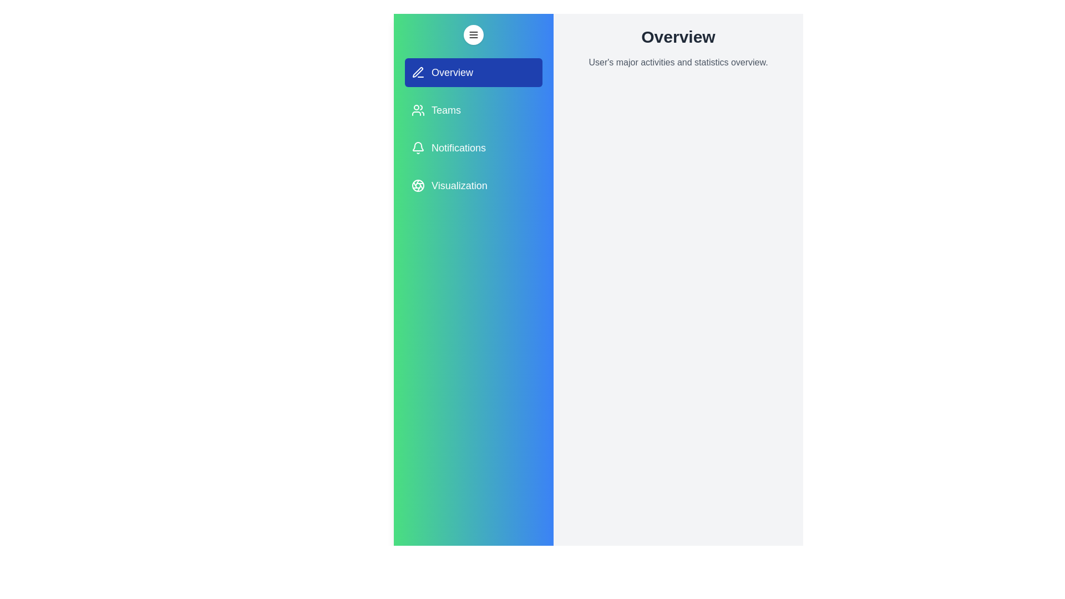 The image size is (1065, 599). I want to click on the drawer elements to observe highlights. The element to hover over is specified by the parameter Overview, so click(474, 73).